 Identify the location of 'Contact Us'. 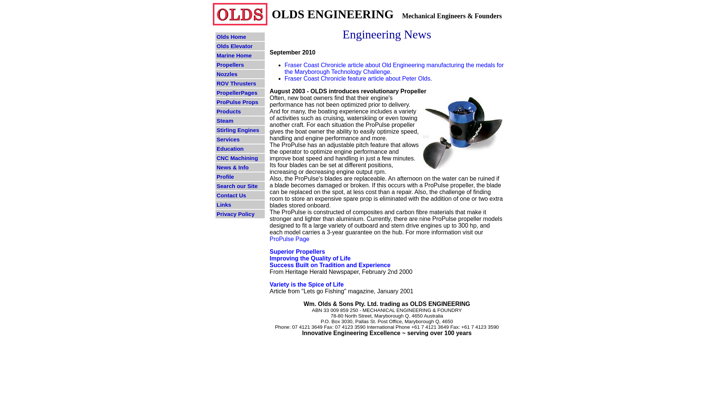
(240, 195).